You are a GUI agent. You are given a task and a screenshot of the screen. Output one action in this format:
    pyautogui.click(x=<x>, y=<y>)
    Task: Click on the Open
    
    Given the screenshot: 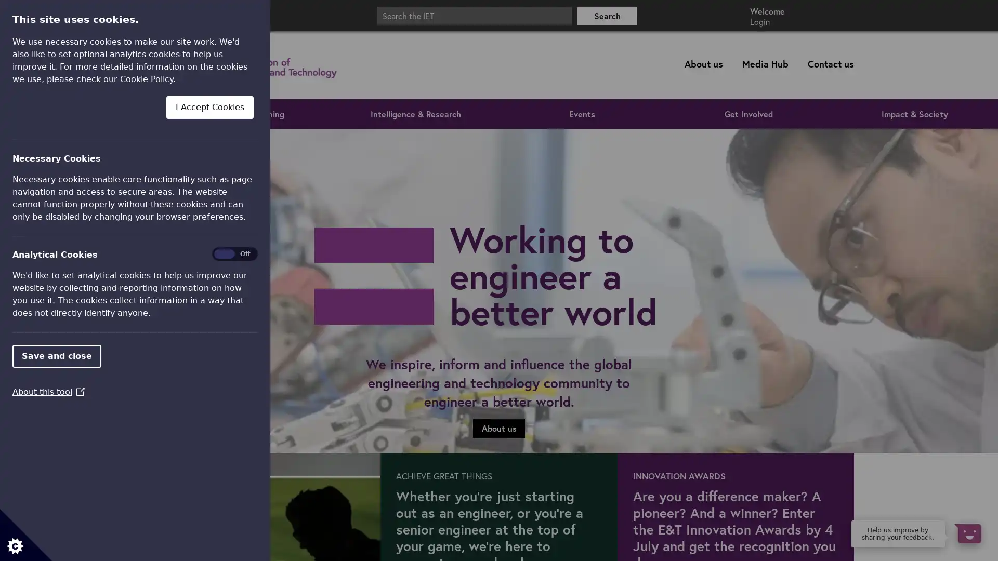 What is the action you would take?
    pyautogui.click(x=967, y=533)
    